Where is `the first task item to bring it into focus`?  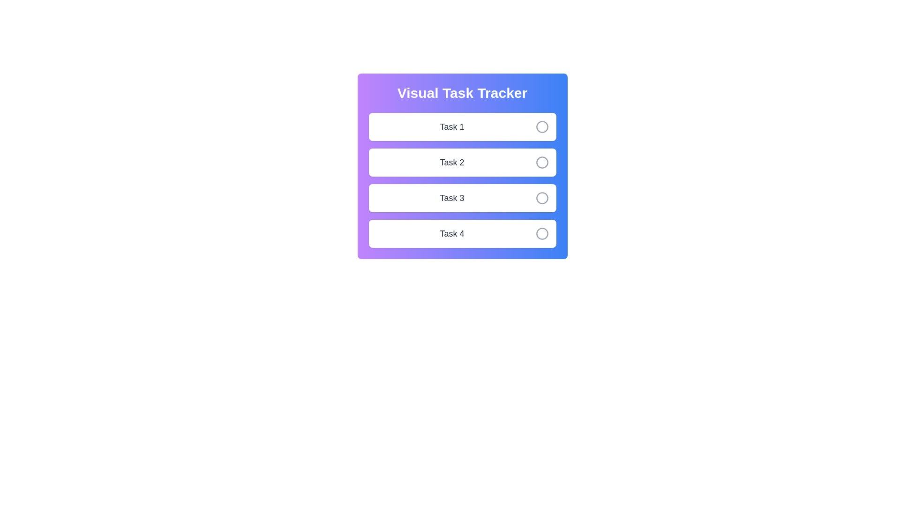 the first task item to bring it into focus is located at coordinates (462, 126).